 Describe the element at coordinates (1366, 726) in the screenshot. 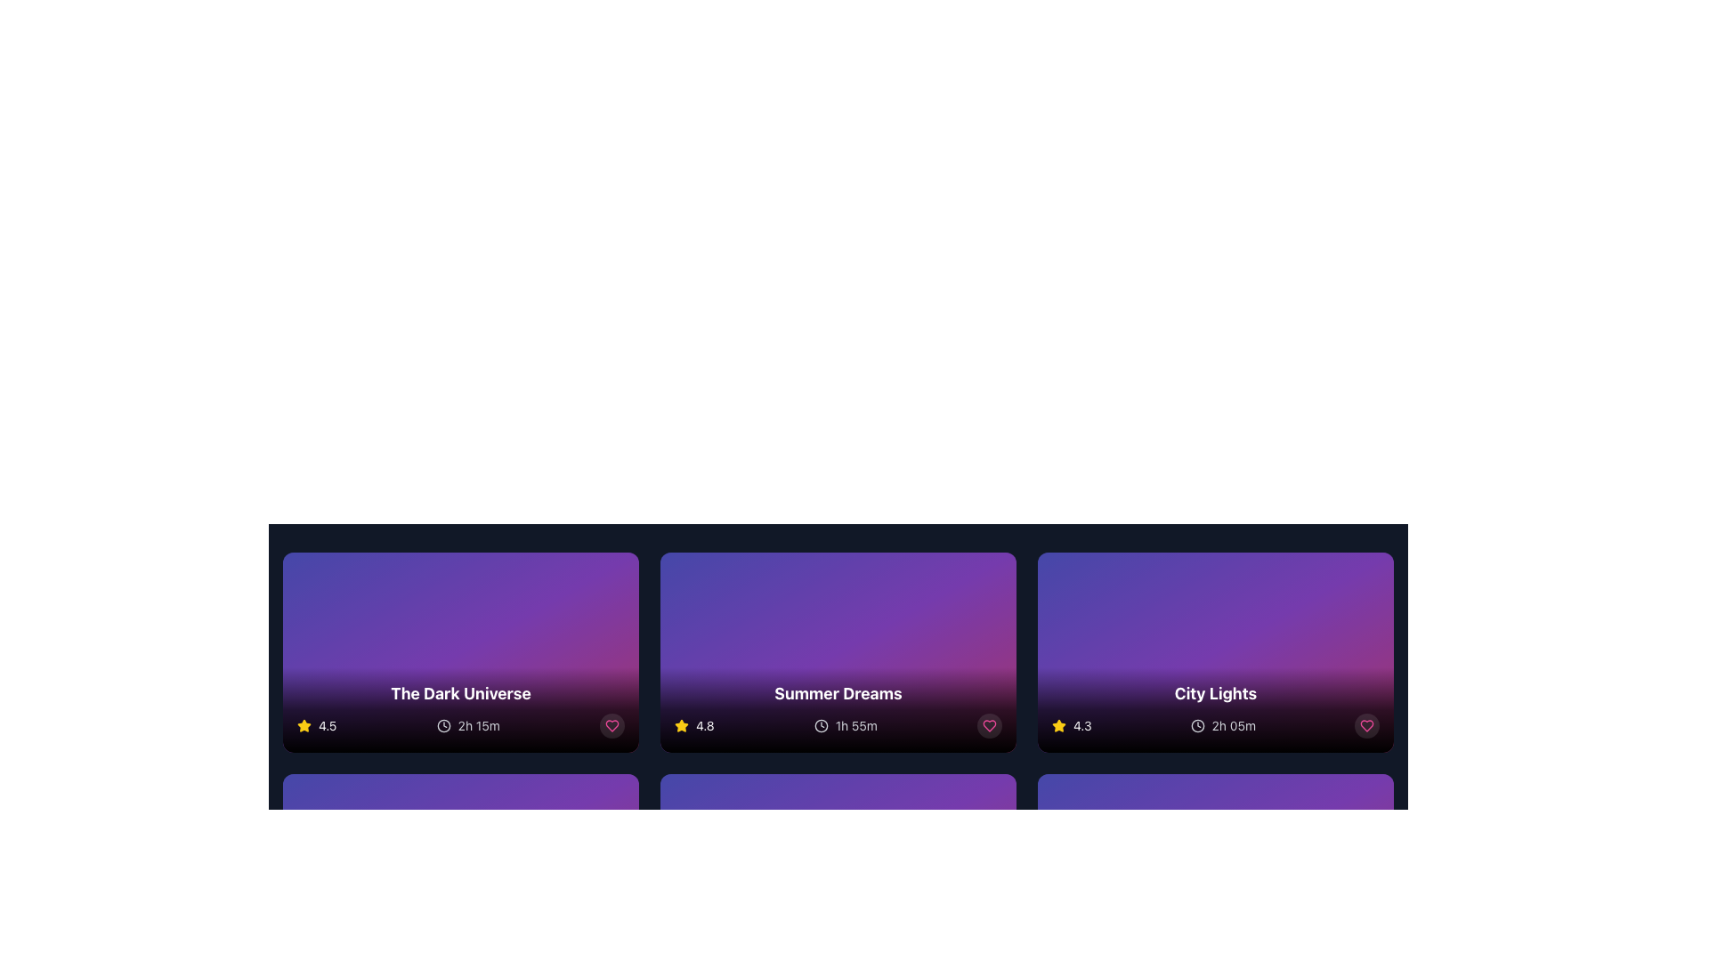

I see `the heart icon at the bottom right corner of the 'City Lights' card to mark it as a favorite` at that location.